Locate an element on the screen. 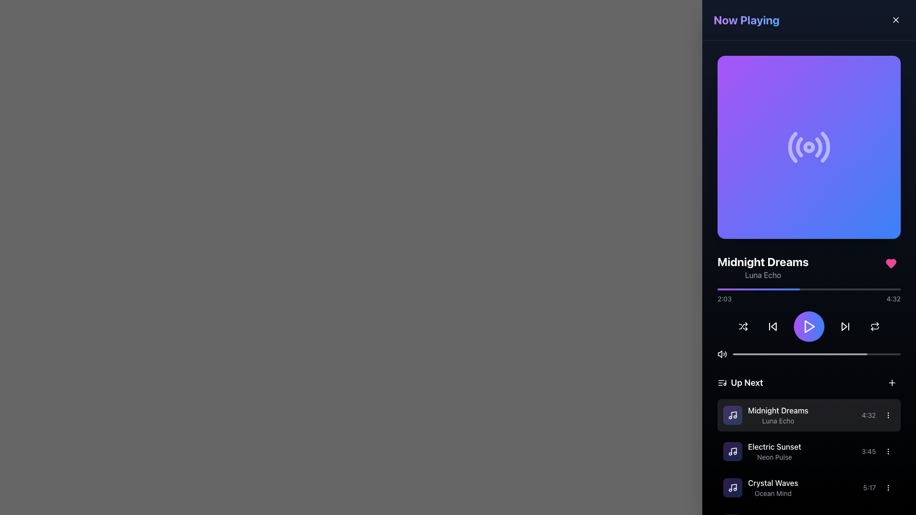  the text element displaying the time duration '5:17', located in the bottom section of the 'Now Playing' panel, under the 'Up Next' heading, to the right of the song title 'Crystal Waves' is located at coordinates (878, 487).